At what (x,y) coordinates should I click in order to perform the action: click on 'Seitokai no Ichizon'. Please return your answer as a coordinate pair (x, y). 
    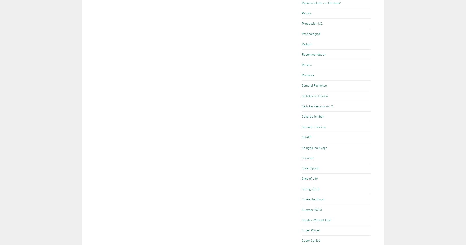
    Looking at the image, I should click on (315, 95).